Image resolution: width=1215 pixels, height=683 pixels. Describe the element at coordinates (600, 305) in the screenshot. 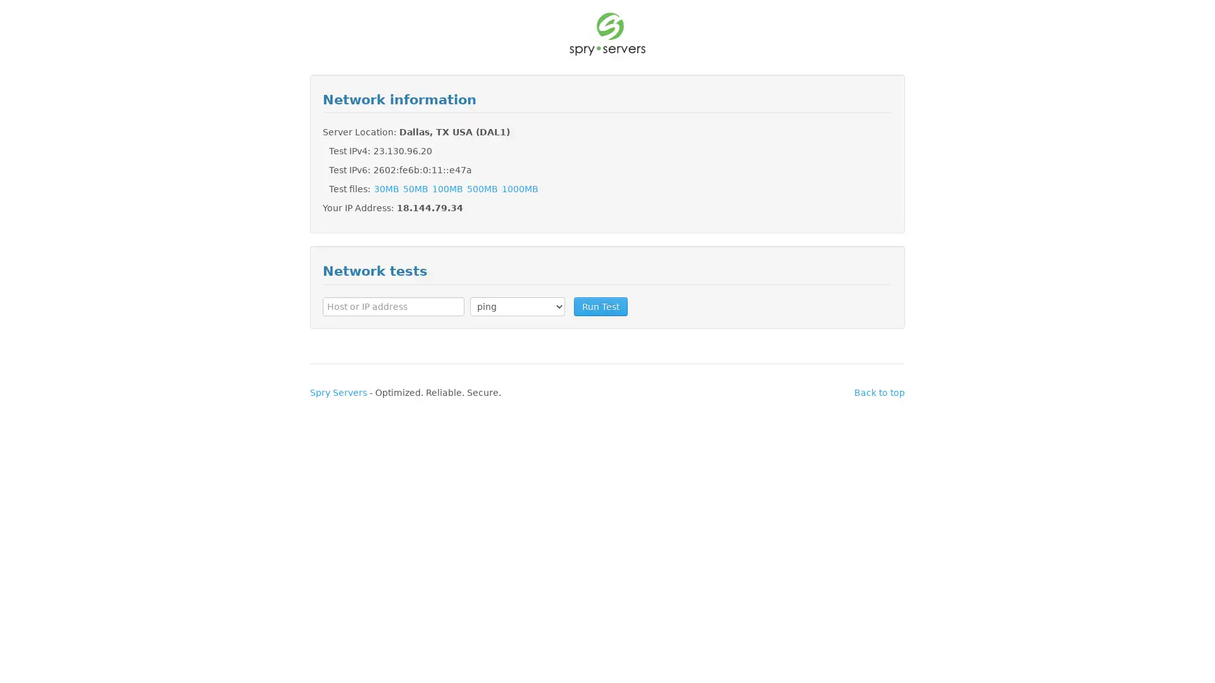

I see `Run Test` at that location.